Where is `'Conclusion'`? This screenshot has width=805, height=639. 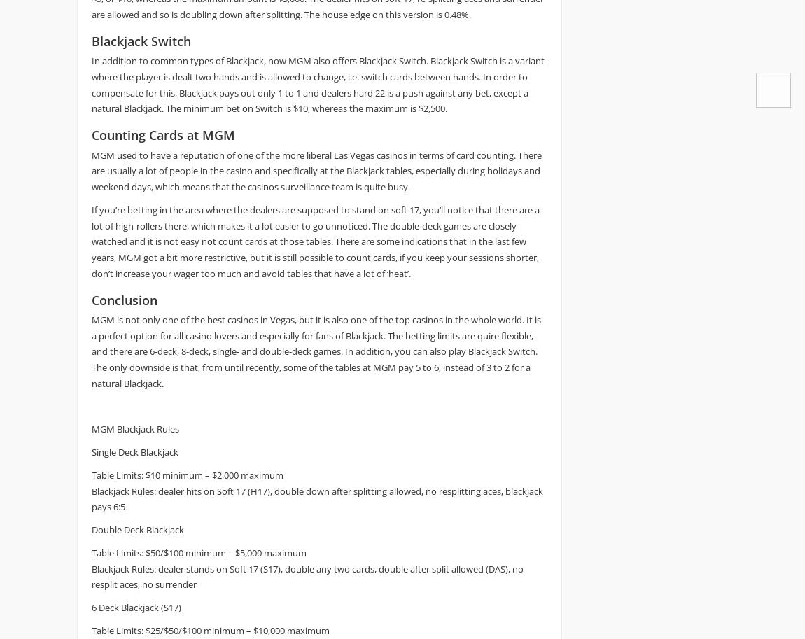 'Conclusion' is located at coordinates (90, 300).